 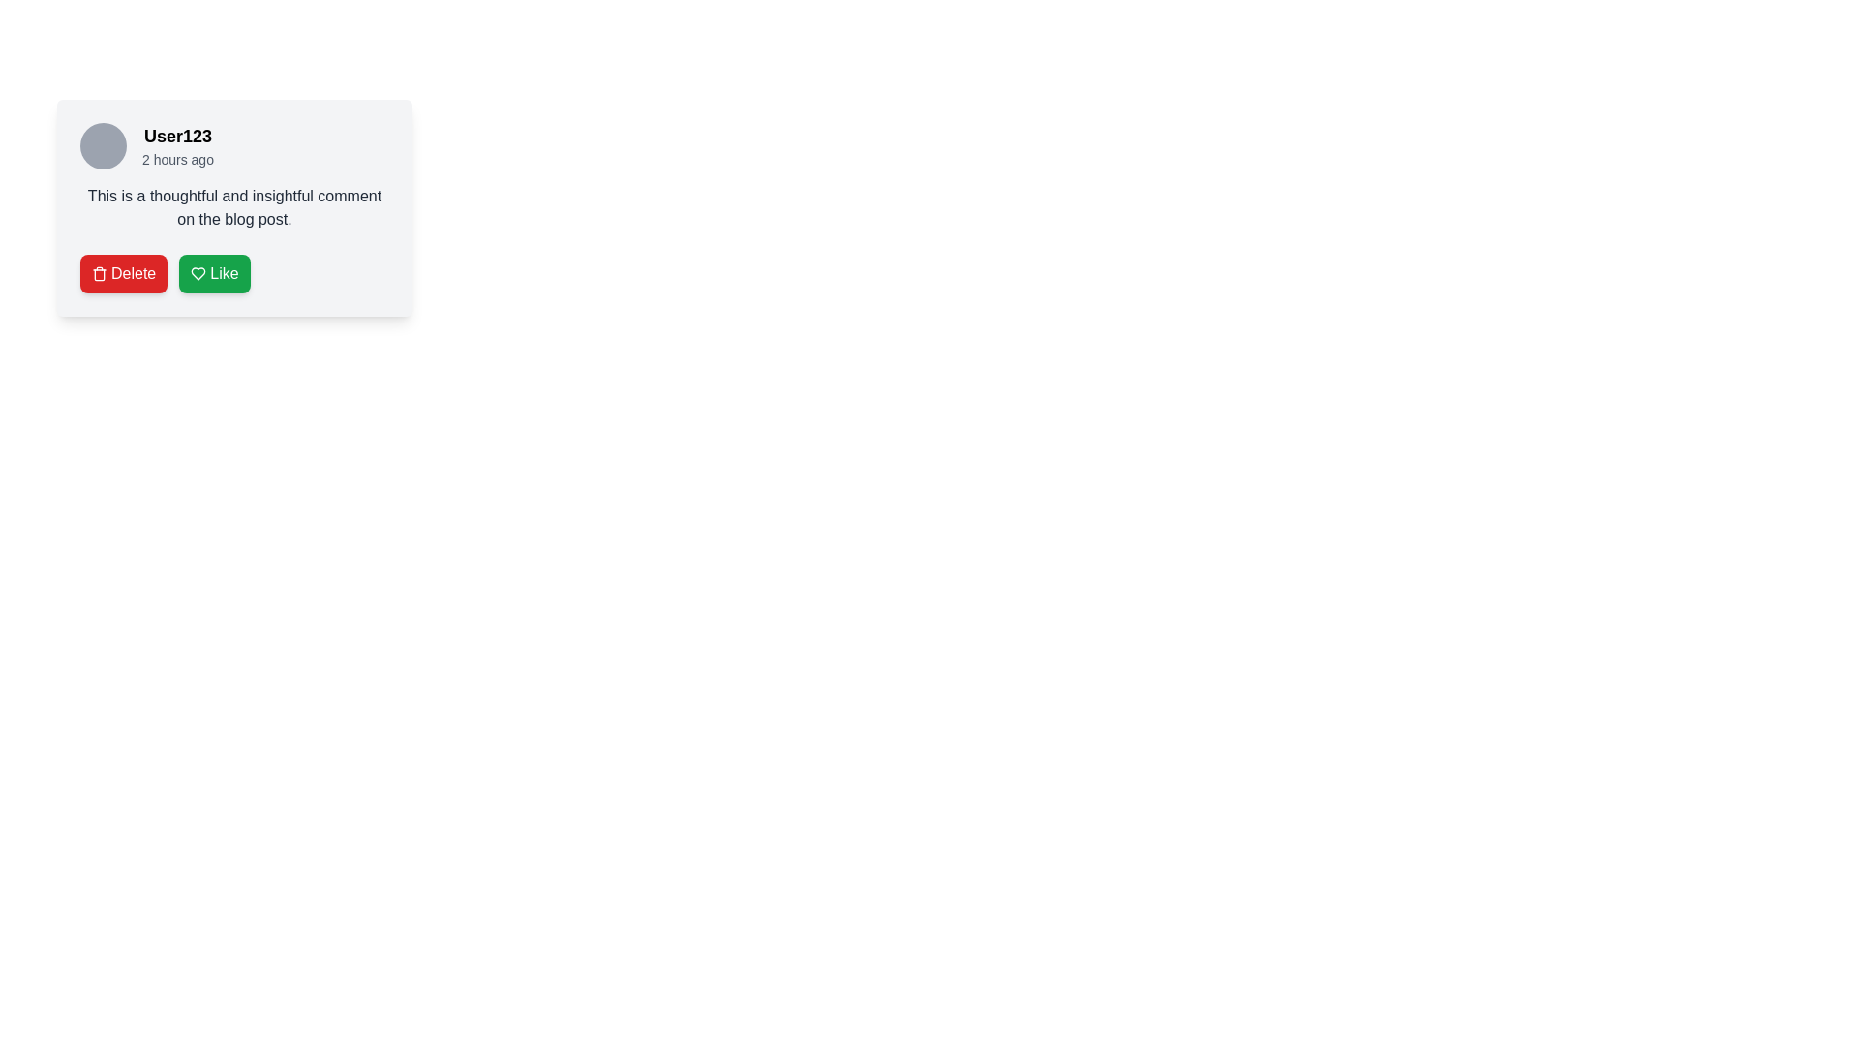 I want to click on the centrally aligned Text block that displays user-generated content, positioned below the user identifier and timestamp, above the 'Delete' and 'Like' buttons, so click(x=233, y=208).